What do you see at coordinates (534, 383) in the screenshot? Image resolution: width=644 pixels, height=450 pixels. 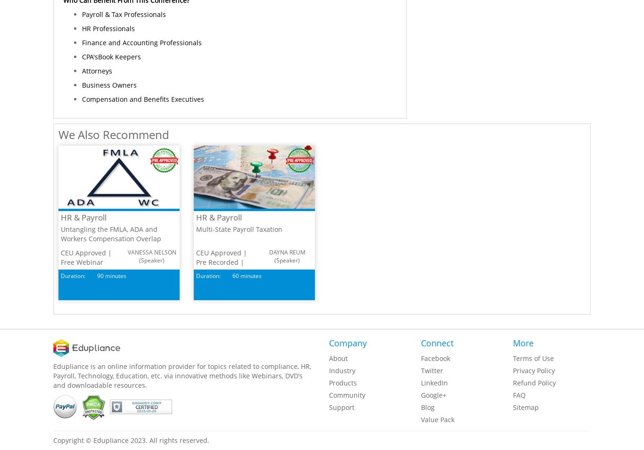 I see `'Refund Policy'` at bounding box center [534, 383].